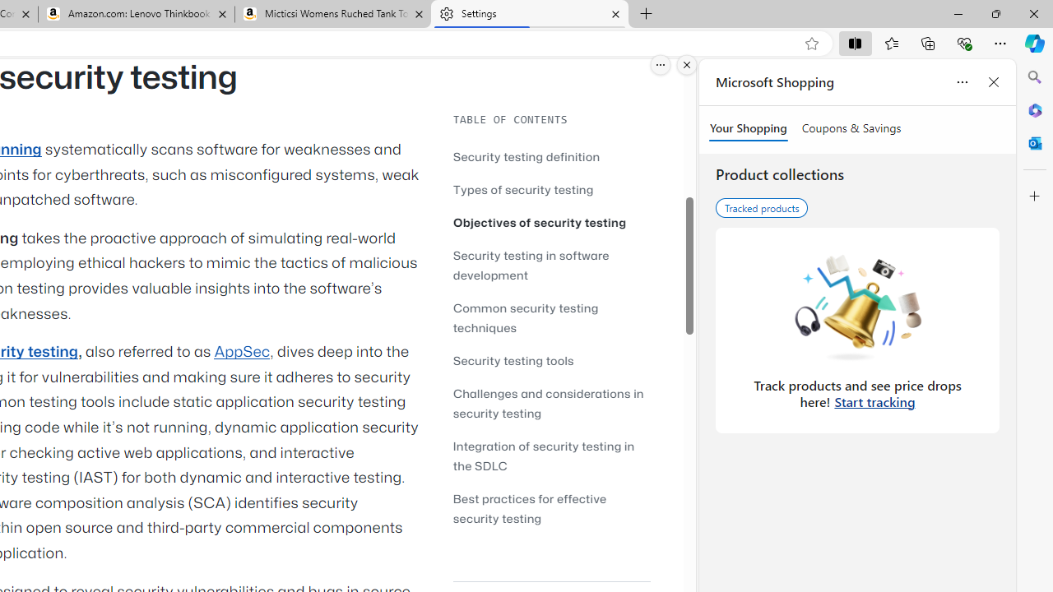 Image resolution: width=1053 pixels, height=592 pixels. I want to click on 'Best practices for effective security testing', so click(551, 507).